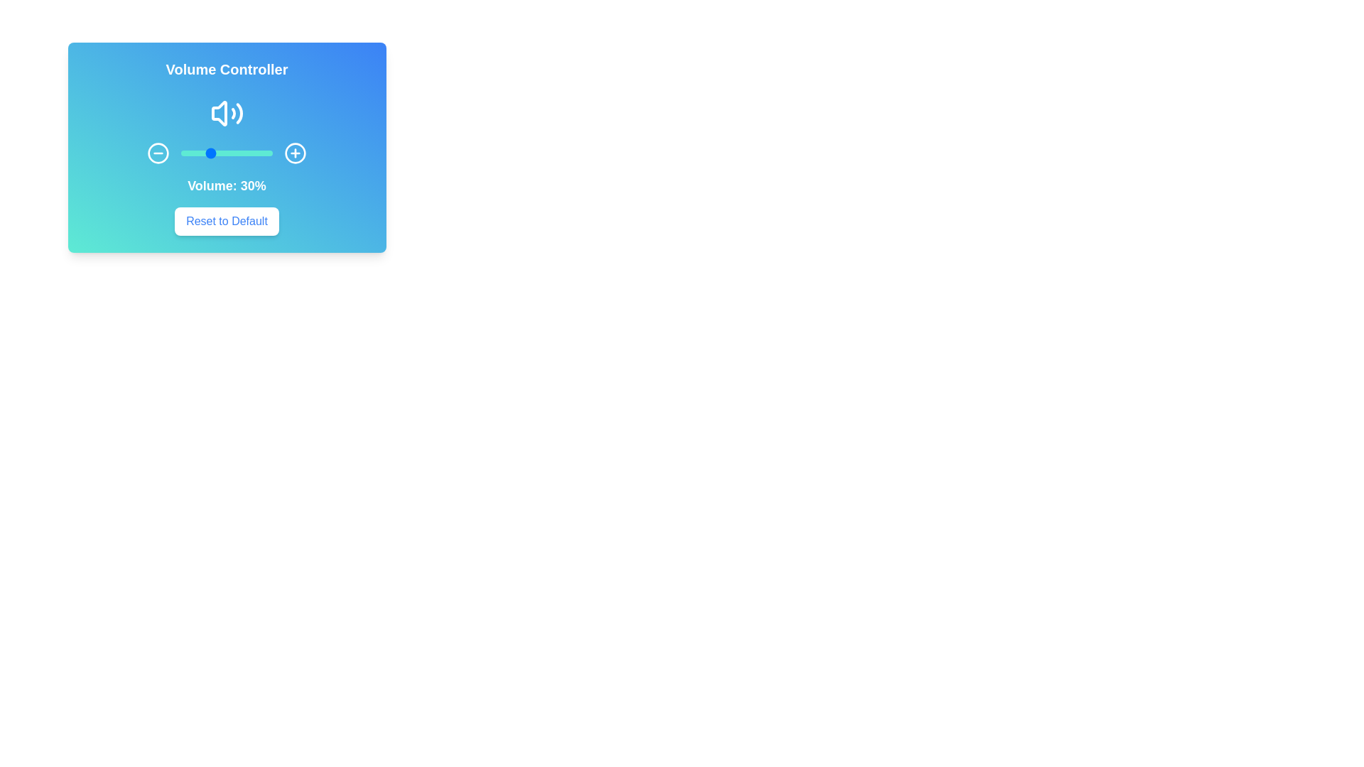 This screenshot has height=767, width=1364. I want to click on the volume slider to 5%, so click(185, 153).